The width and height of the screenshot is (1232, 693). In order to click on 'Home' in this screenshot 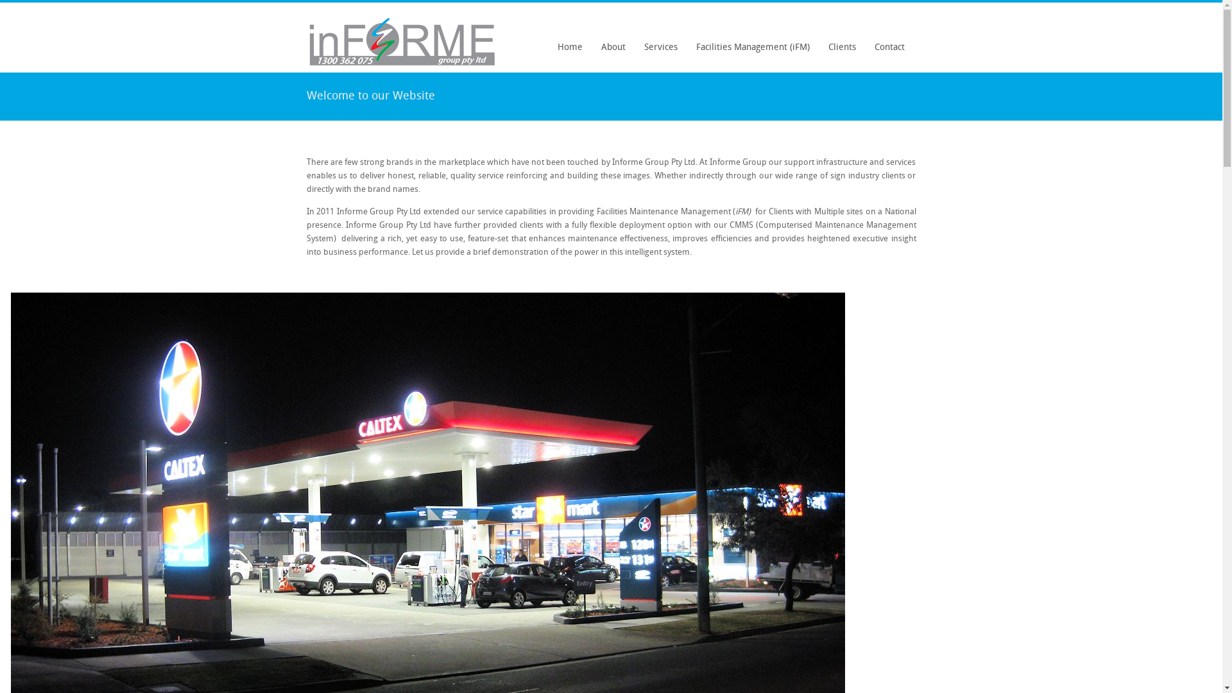, I will do `click(551, 47)`.